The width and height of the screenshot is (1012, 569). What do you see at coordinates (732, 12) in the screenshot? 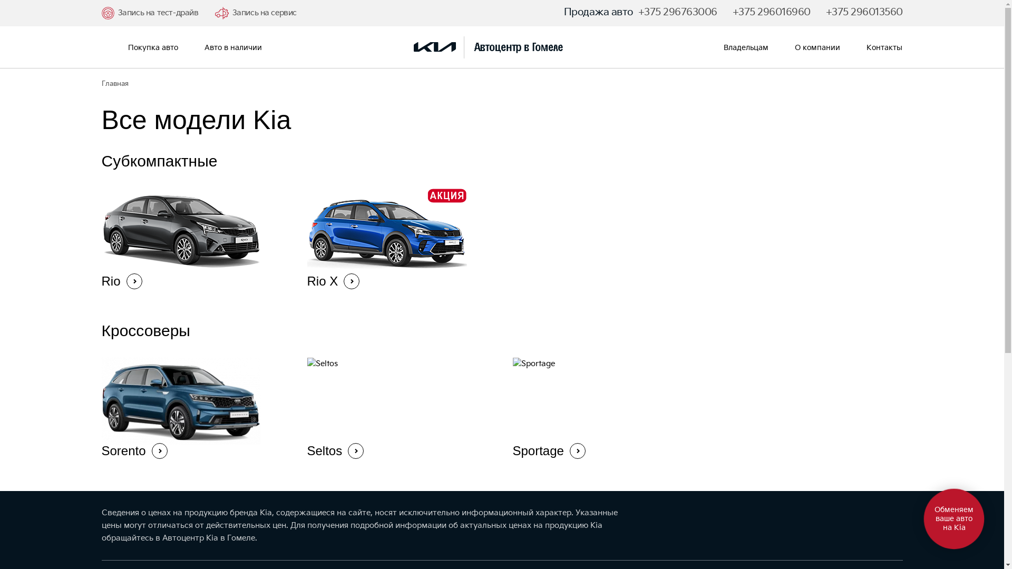
I see `'+375 296016960'` at bounding box center [732, 12].